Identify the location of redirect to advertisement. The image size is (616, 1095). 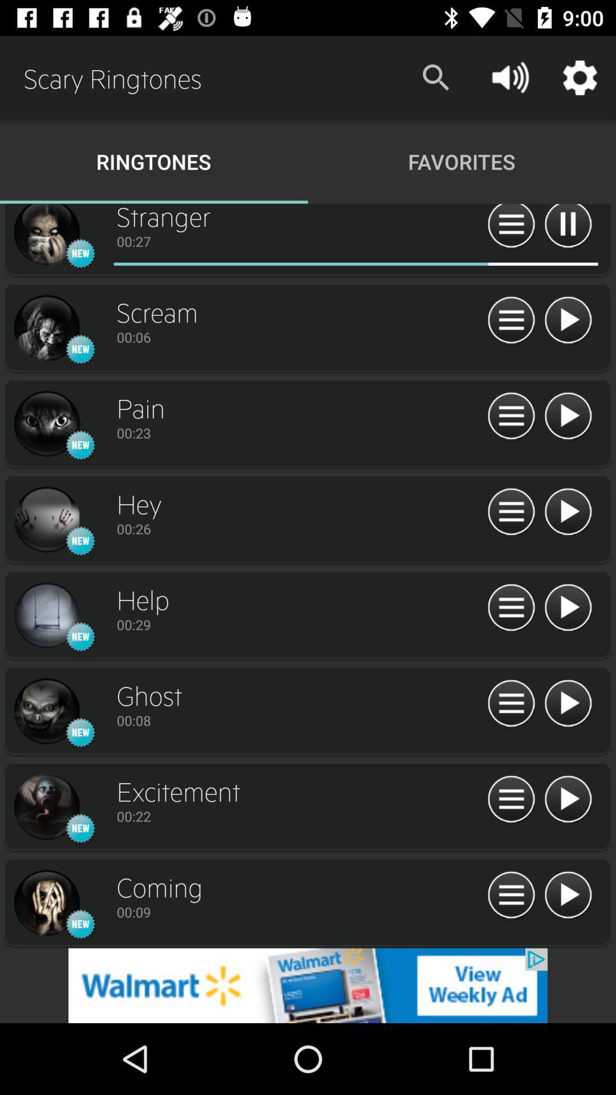
(308, 985).